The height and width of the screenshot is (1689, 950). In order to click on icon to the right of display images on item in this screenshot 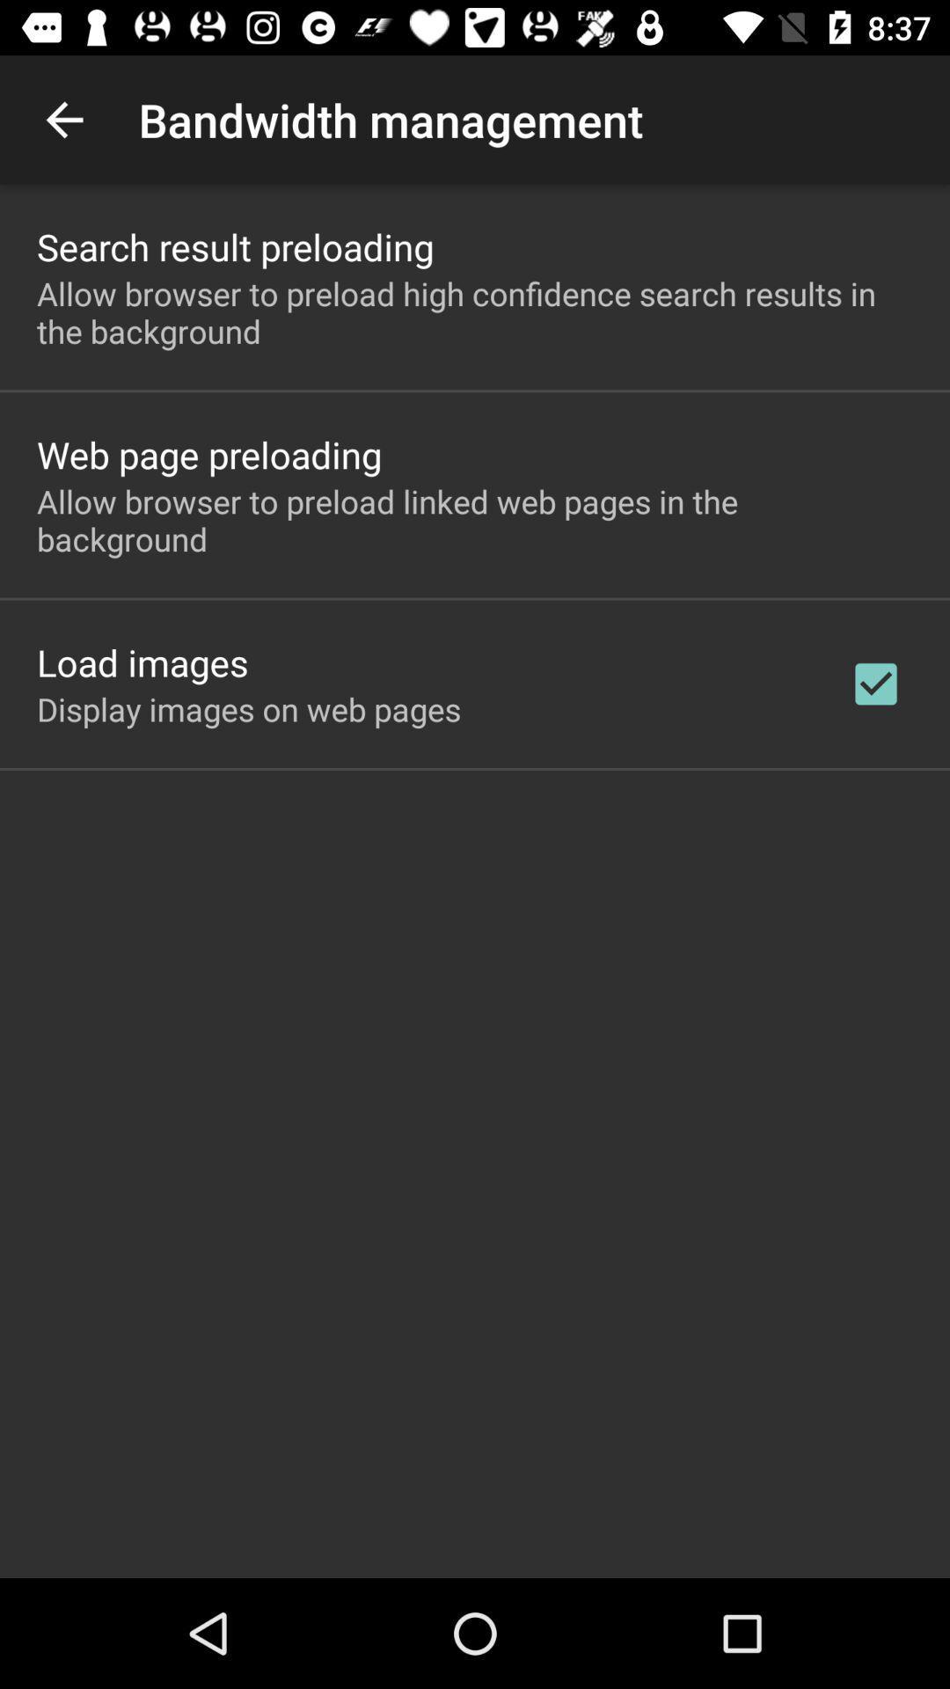, I will do `click(875, 683)`.